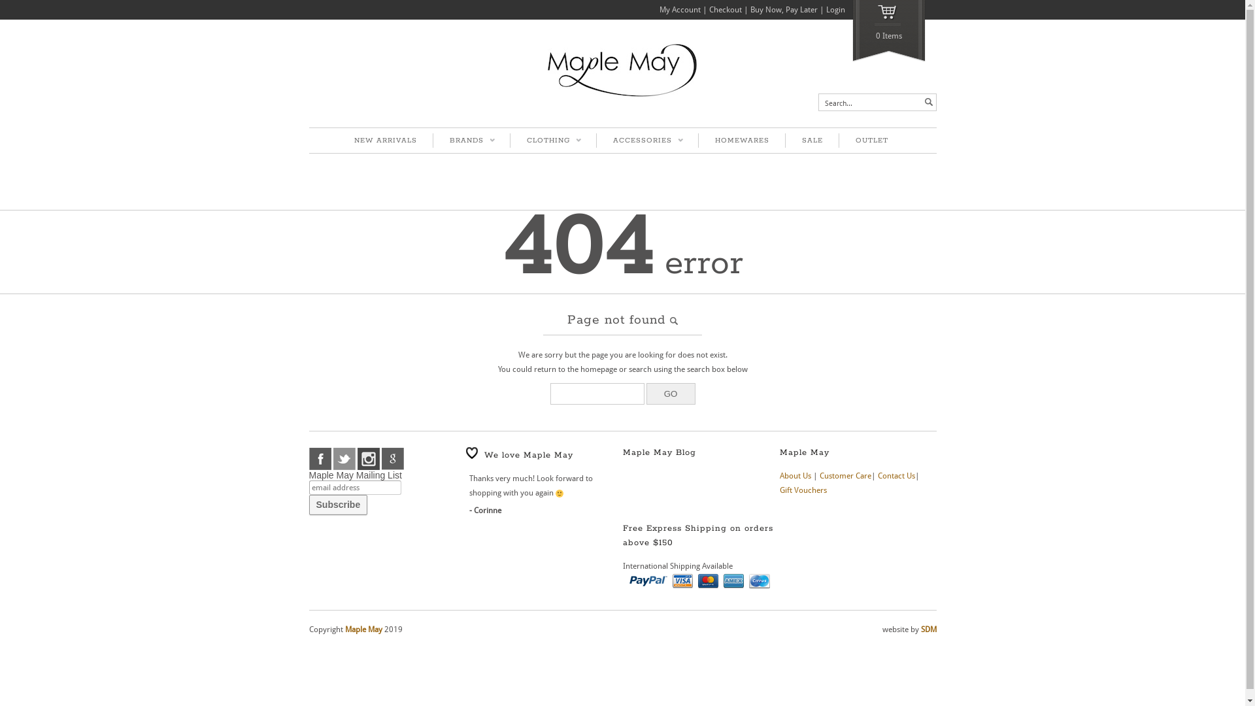  Describe the element at coordinates (784, 10) in the screenshot. I see `'Buy Now, Pay Later'` at that location.